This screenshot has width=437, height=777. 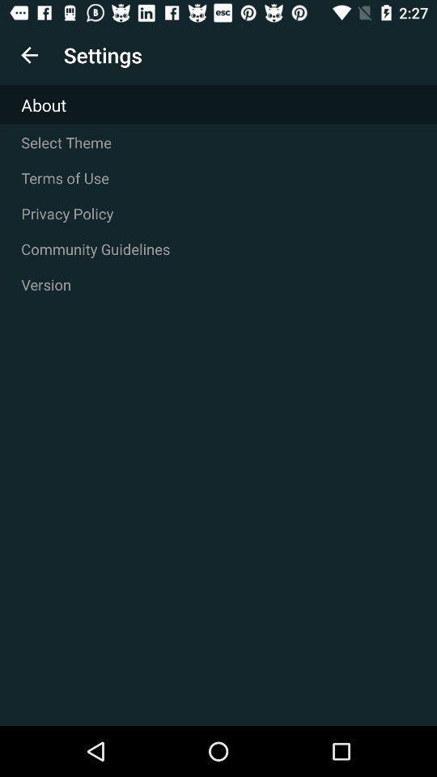 What do you see at coordinates (218, 213) in the screenshot?
I see `item above the community guidelines icon` at bounding box center [218, 213].